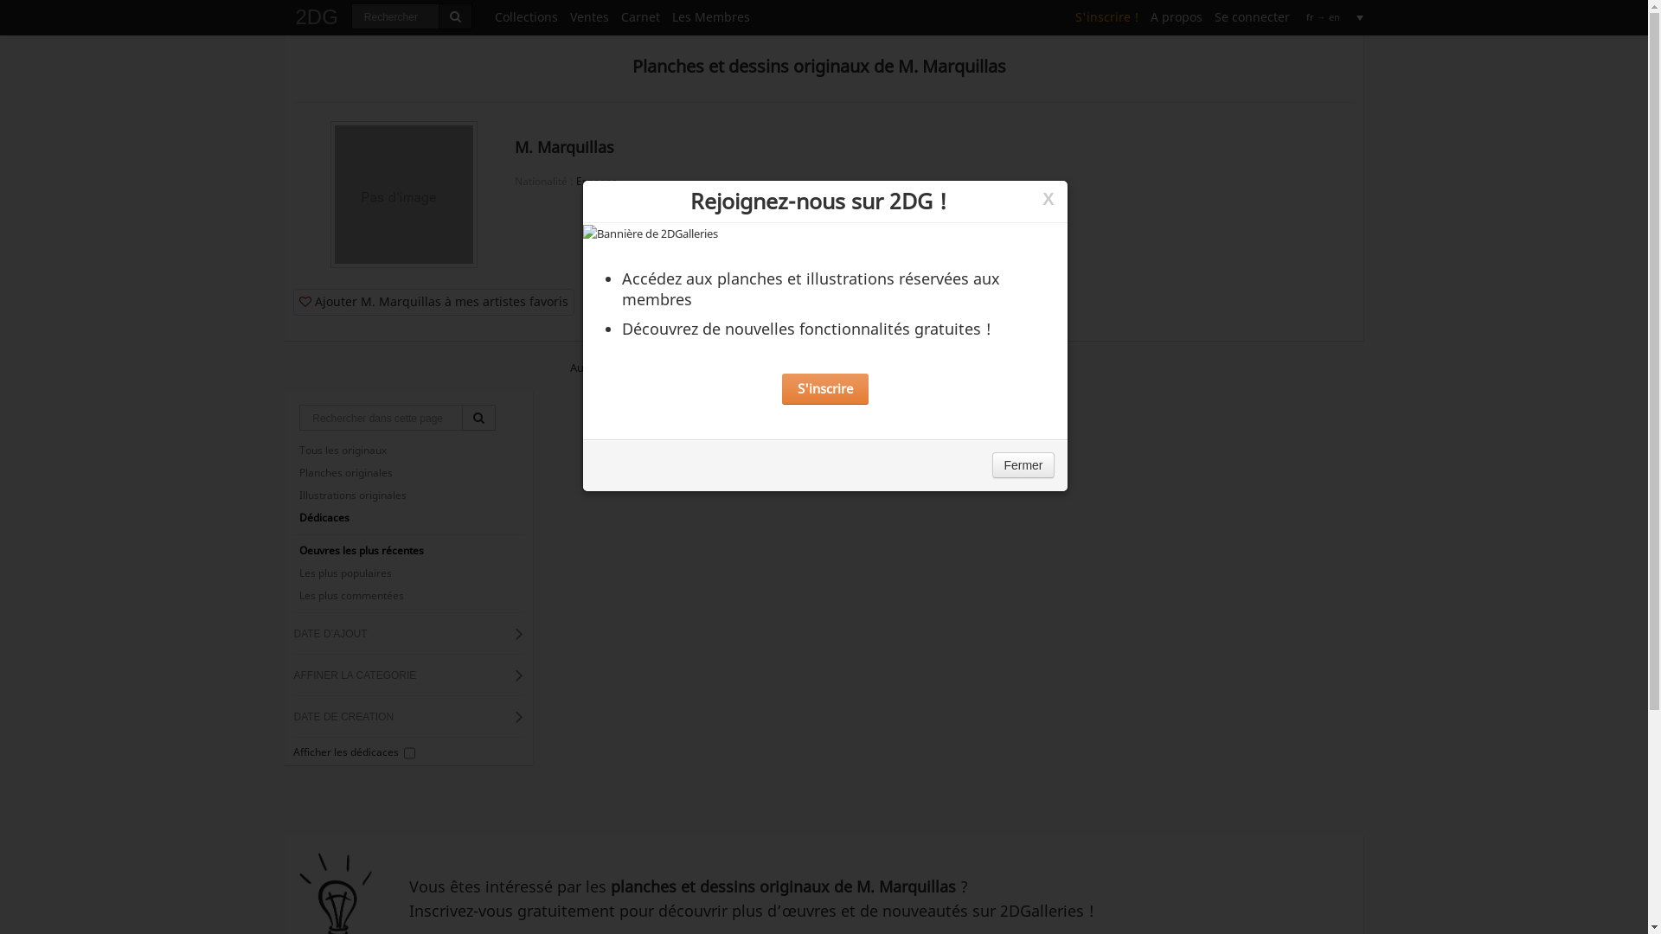 The image size is (1661, 934). I want to click on 'Planches originales', so click(407, 473).